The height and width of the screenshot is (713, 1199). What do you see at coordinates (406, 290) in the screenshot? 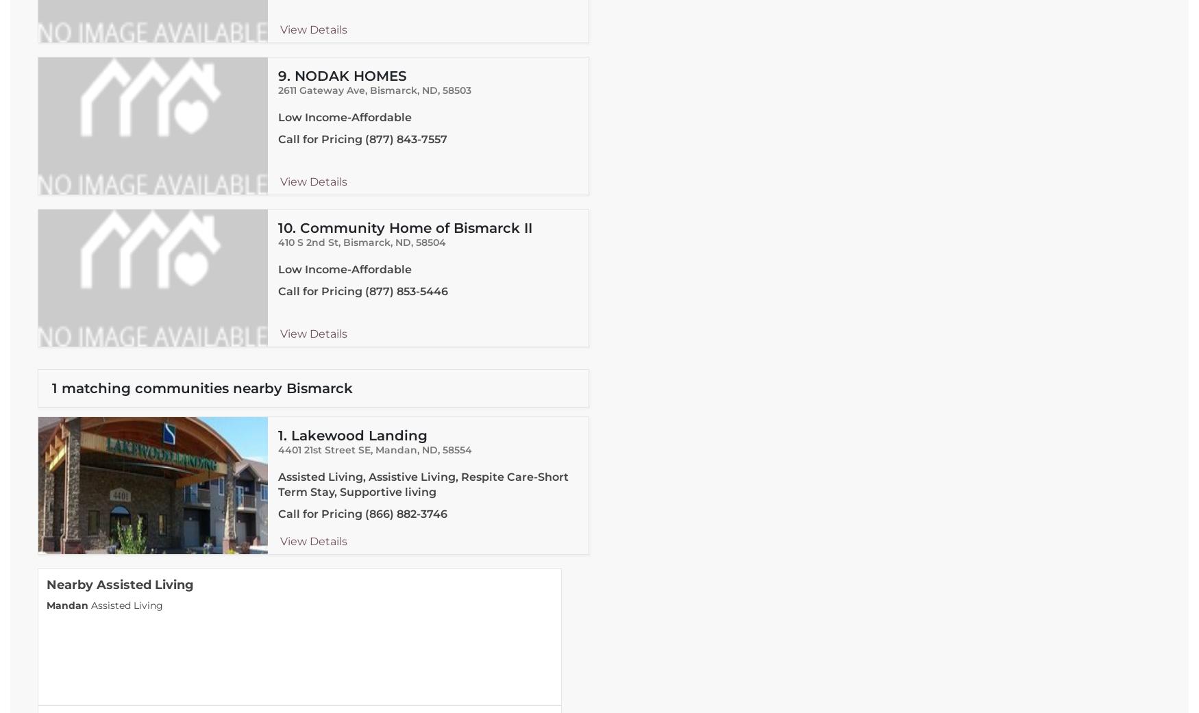
I see `'(877) 853-5446'` at bounding box center [406, 290].